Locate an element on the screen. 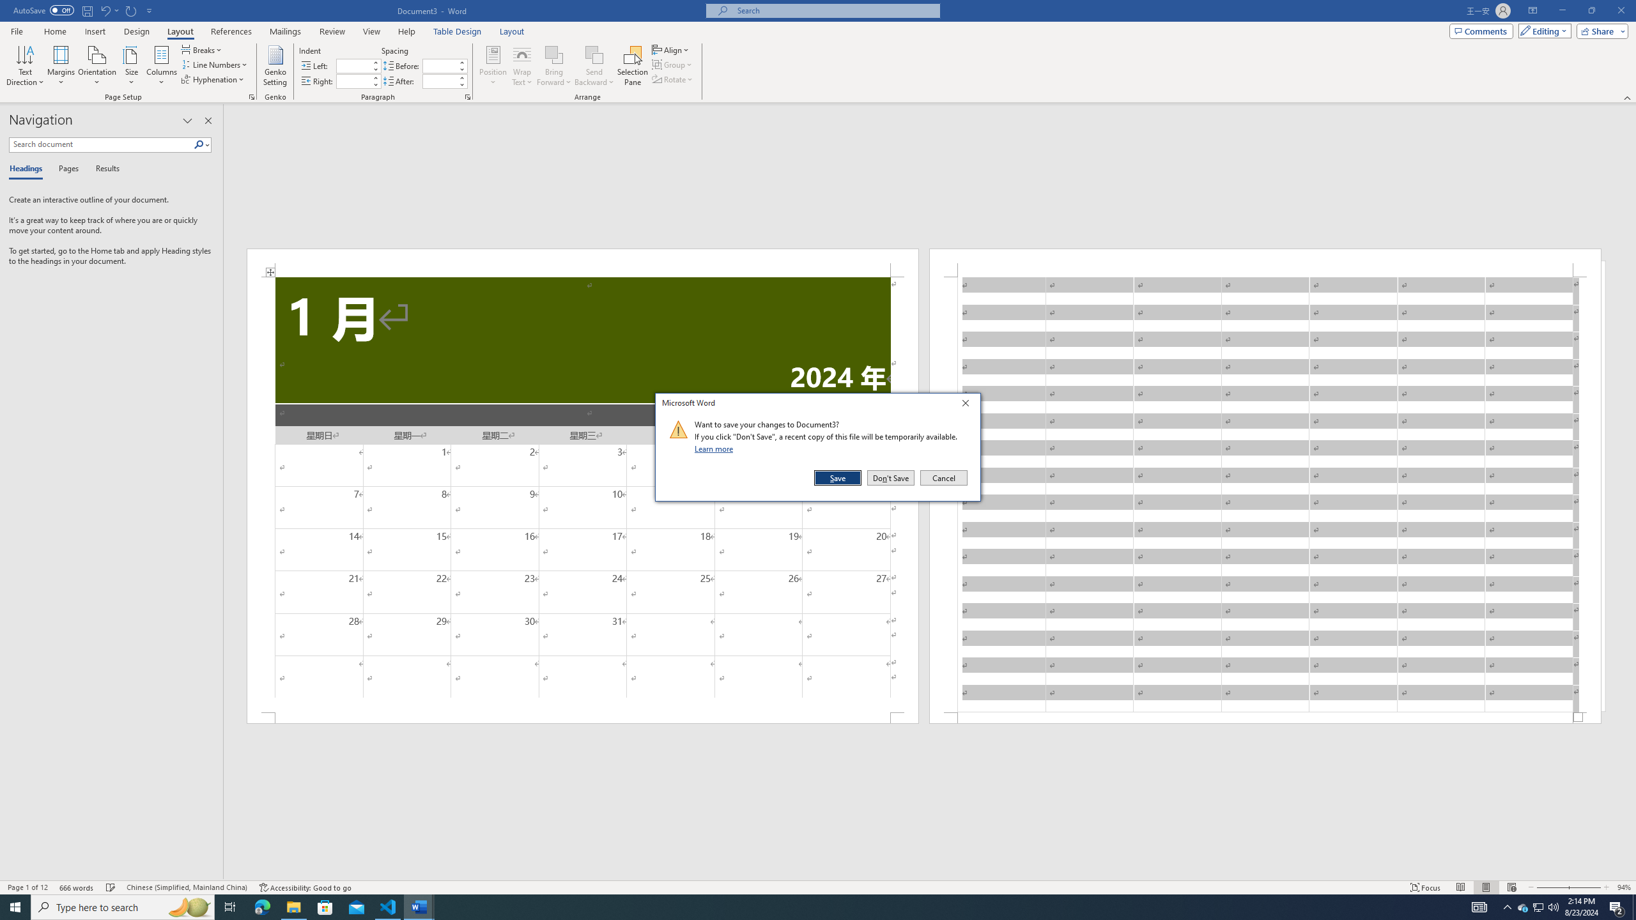 This screenshot has height=920, width=1636. 'Learn more' is located at coordinates (716, 448).